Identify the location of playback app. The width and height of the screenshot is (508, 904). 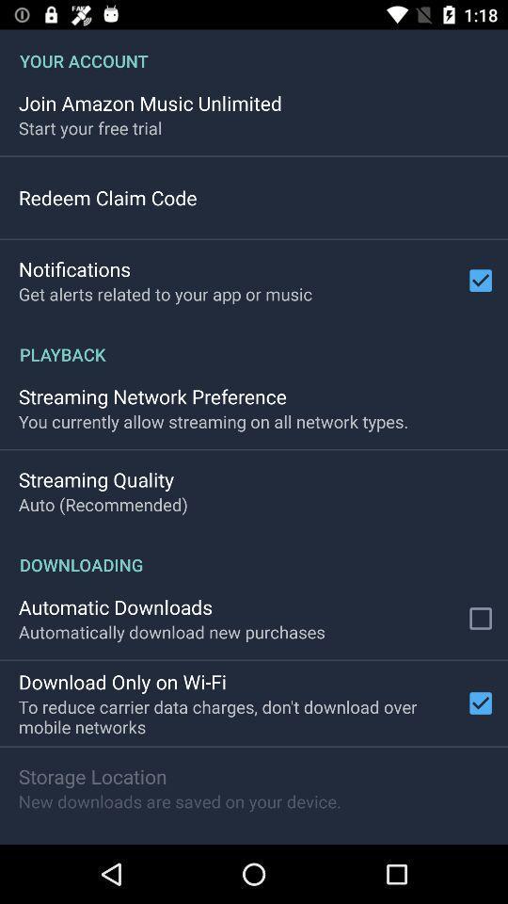
(254, 343).